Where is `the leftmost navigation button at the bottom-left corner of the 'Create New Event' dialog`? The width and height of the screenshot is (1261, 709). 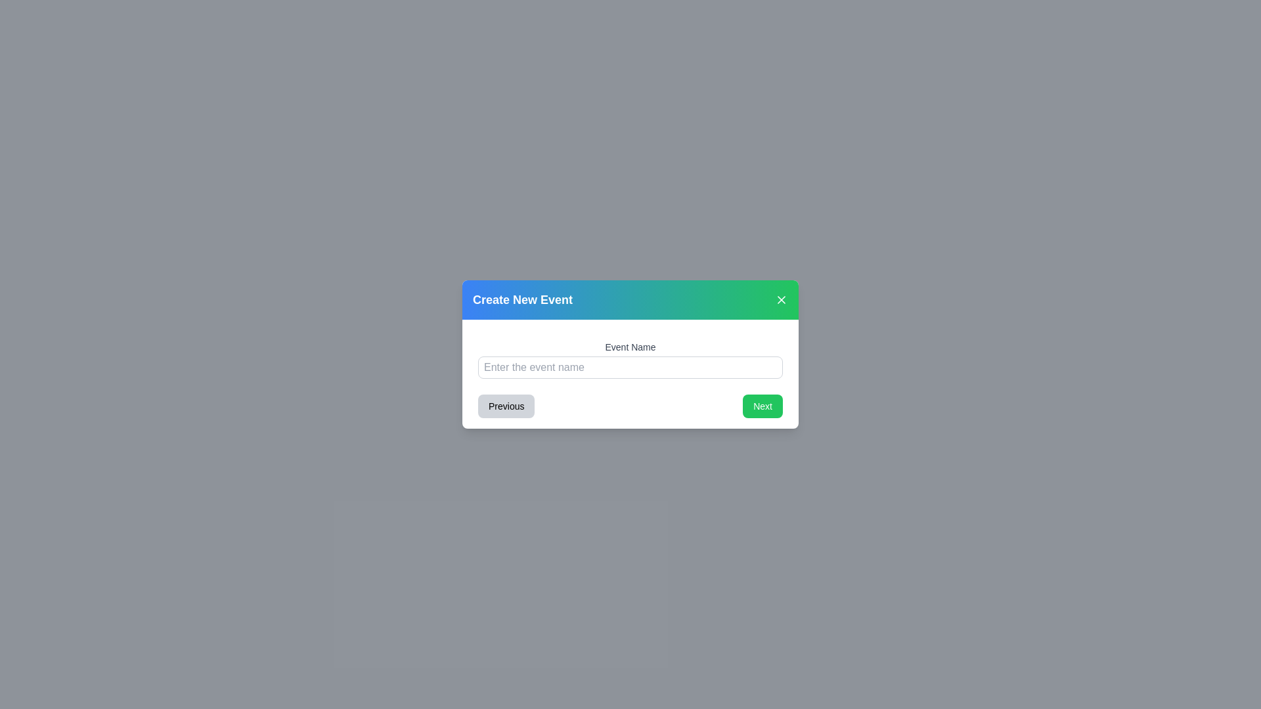 the leftmost navigation button at the bottom-left corner of the 'Create New Event' dialog is located at coordinates (506, 405).